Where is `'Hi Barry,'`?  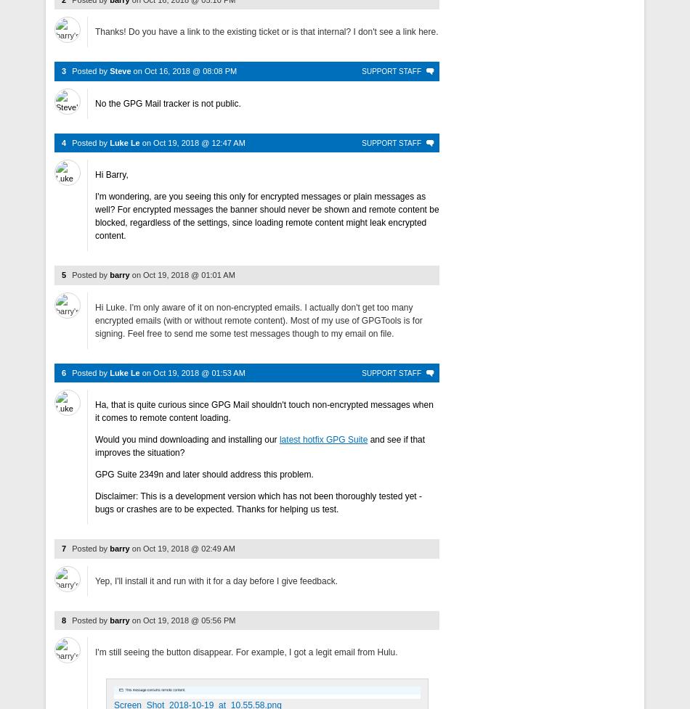
'Hi Barry,' is located at coordinates (111, 174).